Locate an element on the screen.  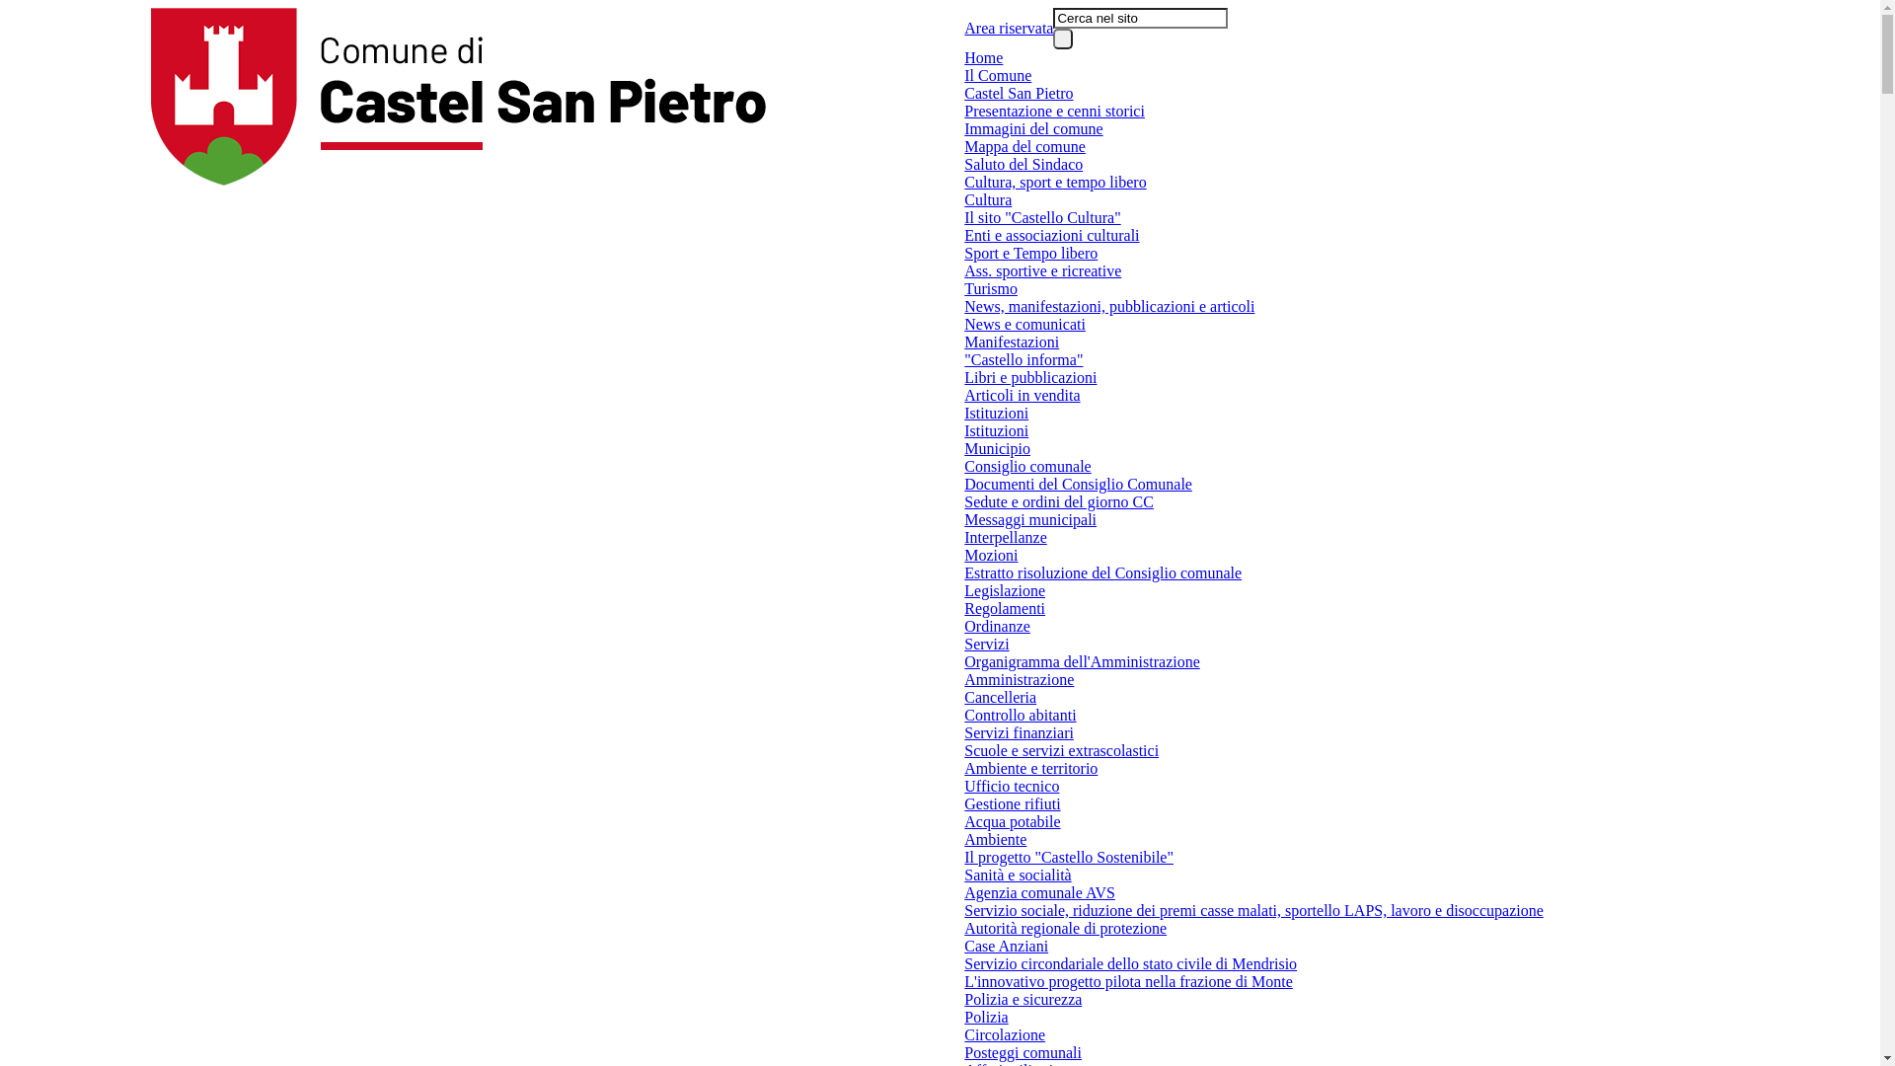
'Interpellanze' is located at coordinates (1005, 537).